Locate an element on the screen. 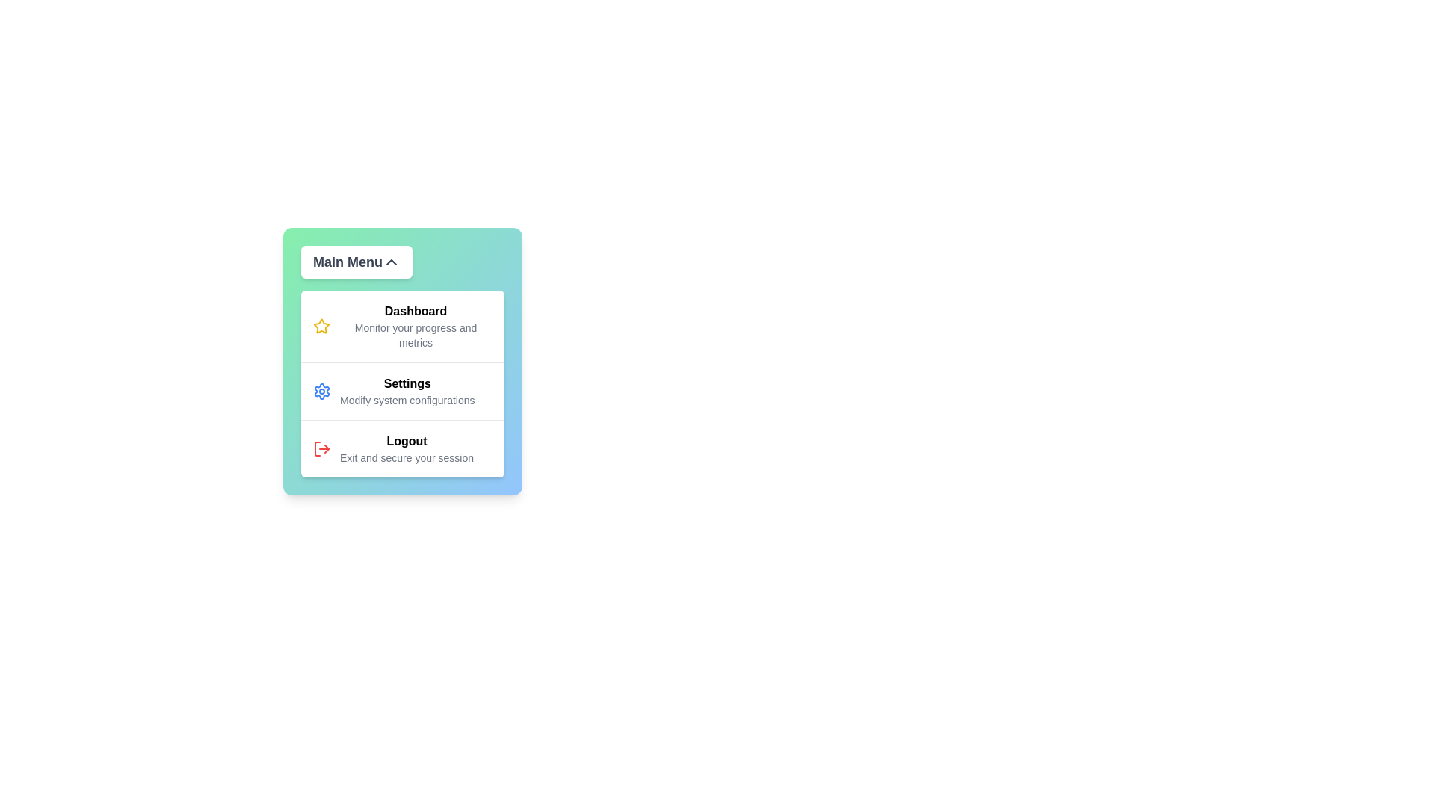  the 'Main Menu' button to toggle the menu visibility is located at coordinates (356, 262).